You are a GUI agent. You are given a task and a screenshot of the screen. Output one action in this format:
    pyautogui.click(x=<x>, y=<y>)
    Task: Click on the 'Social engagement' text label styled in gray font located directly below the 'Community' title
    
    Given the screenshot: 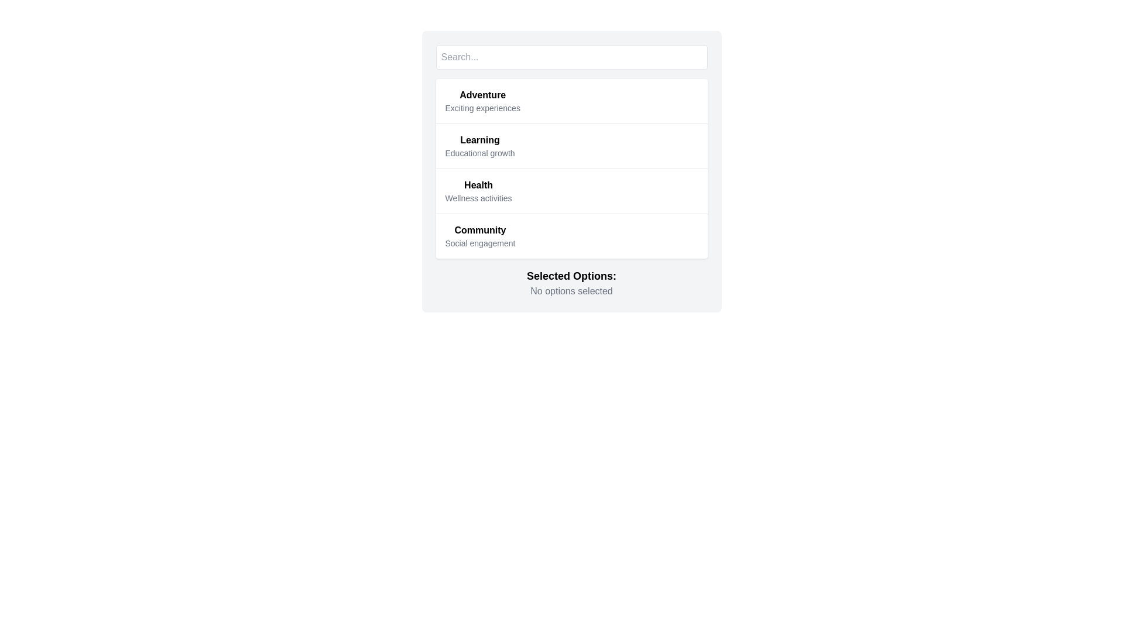 What is the action you would take?
    pyautogui.click(x=480, y=243)
    